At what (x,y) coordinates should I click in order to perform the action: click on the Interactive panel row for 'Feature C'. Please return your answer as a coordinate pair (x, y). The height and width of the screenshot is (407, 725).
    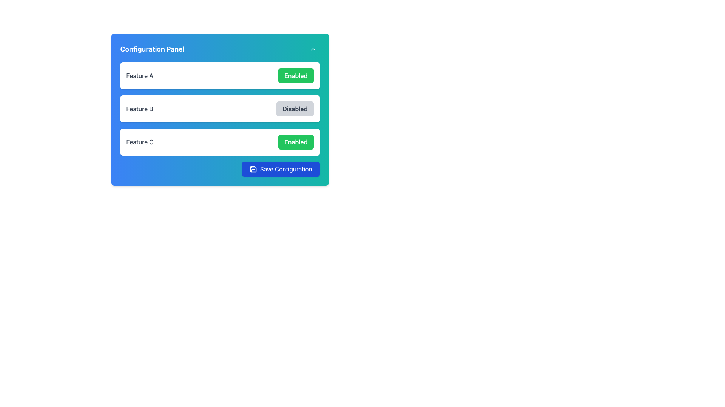
    Looking at the image, I should click on (219, 142).